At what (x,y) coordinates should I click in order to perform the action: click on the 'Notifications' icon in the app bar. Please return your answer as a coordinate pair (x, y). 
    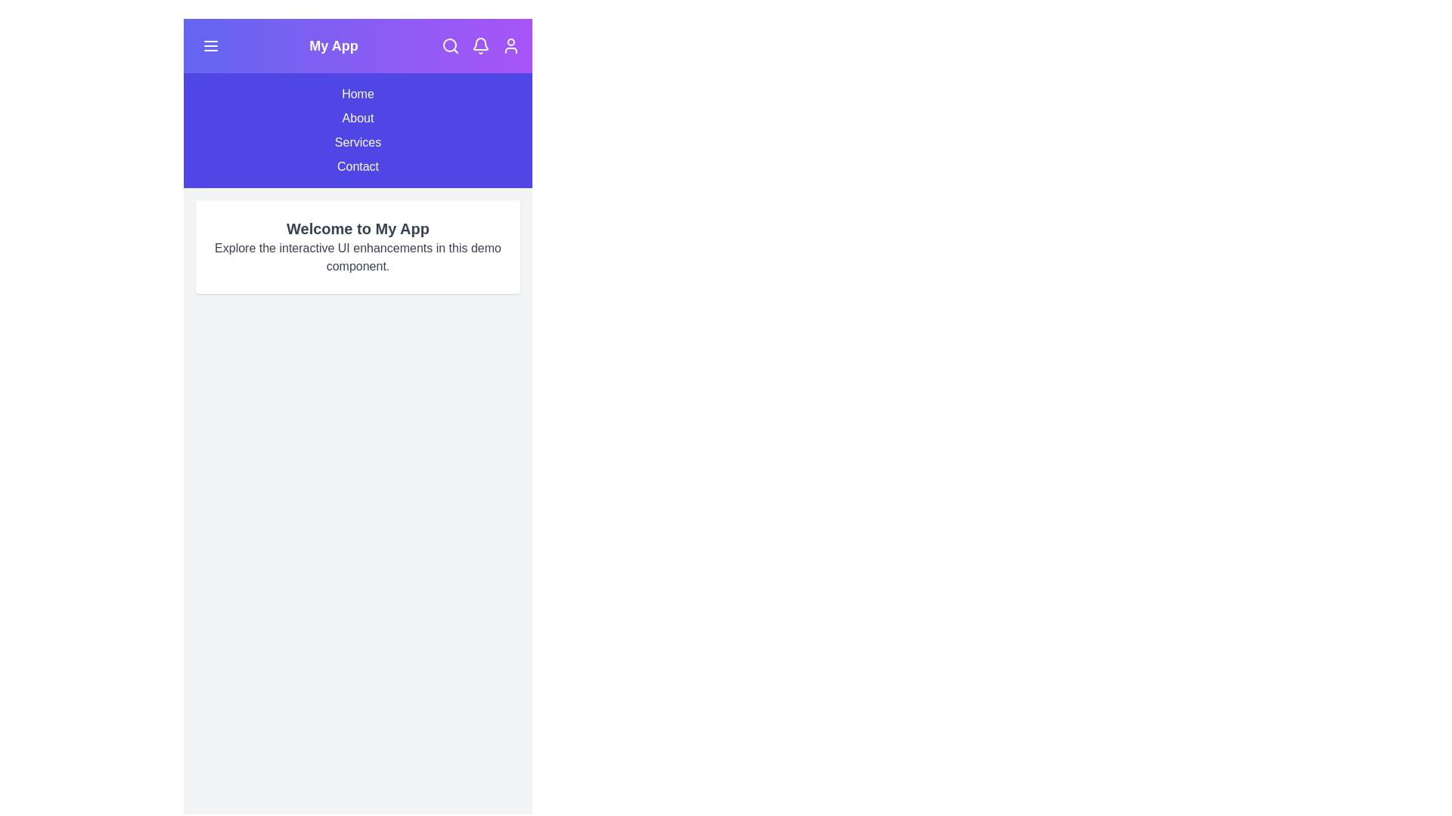
    Looking at the image, I should click on (479, 45).